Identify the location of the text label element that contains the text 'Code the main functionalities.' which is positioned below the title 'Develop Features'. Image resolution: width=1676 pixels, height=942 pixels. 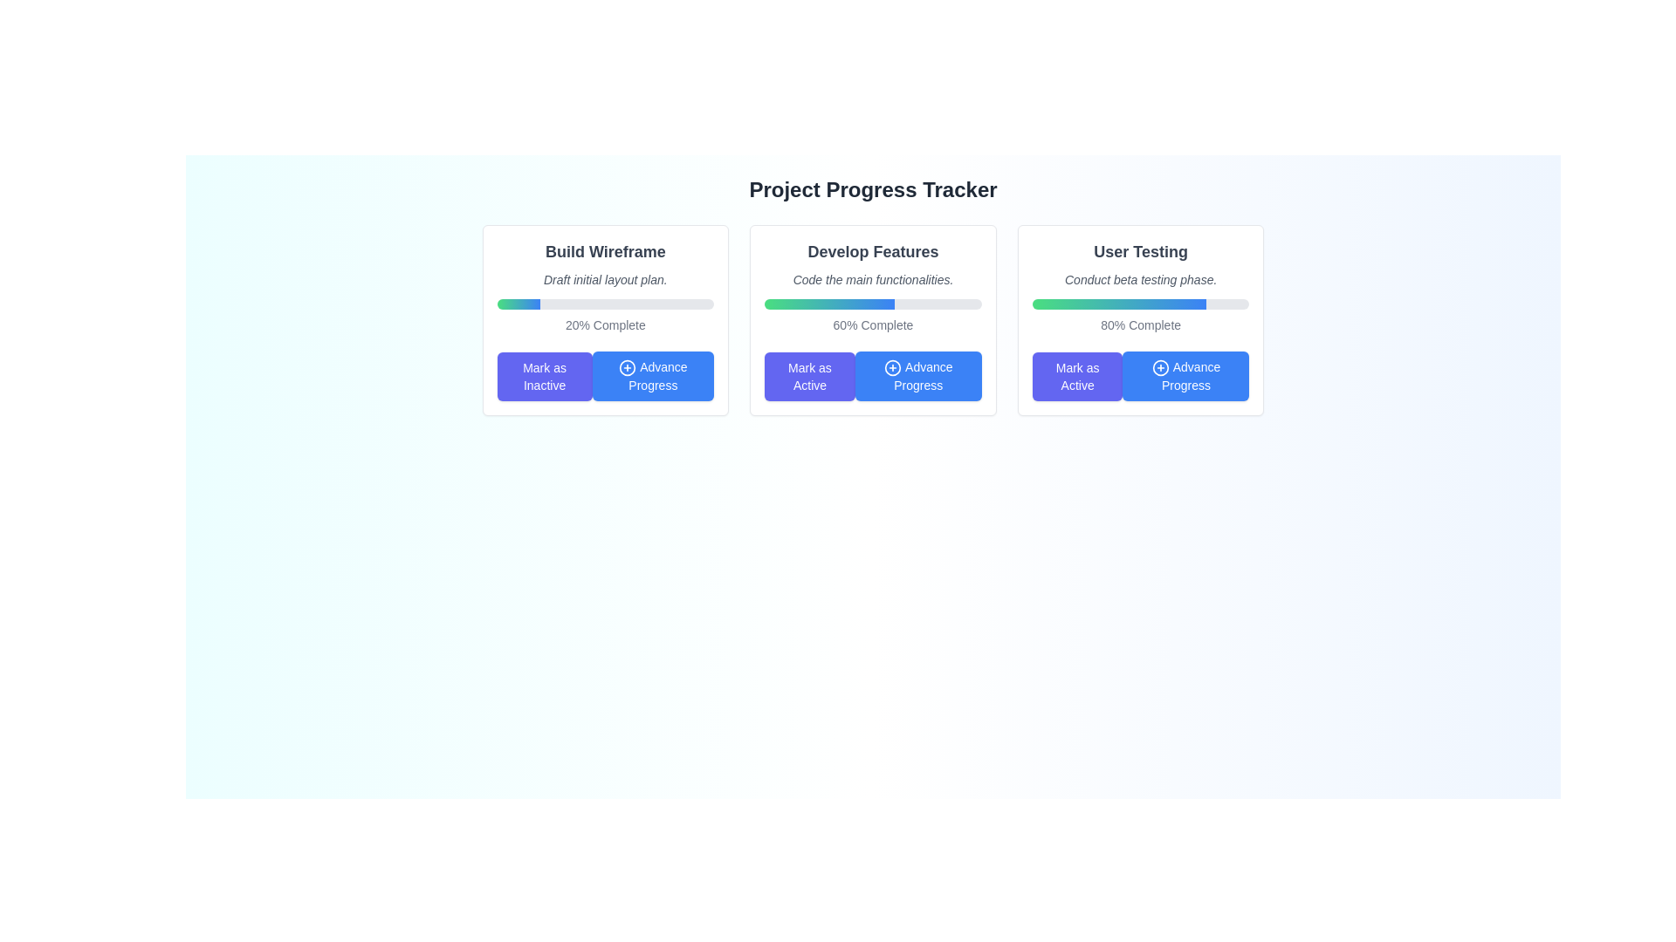
(873, 278).